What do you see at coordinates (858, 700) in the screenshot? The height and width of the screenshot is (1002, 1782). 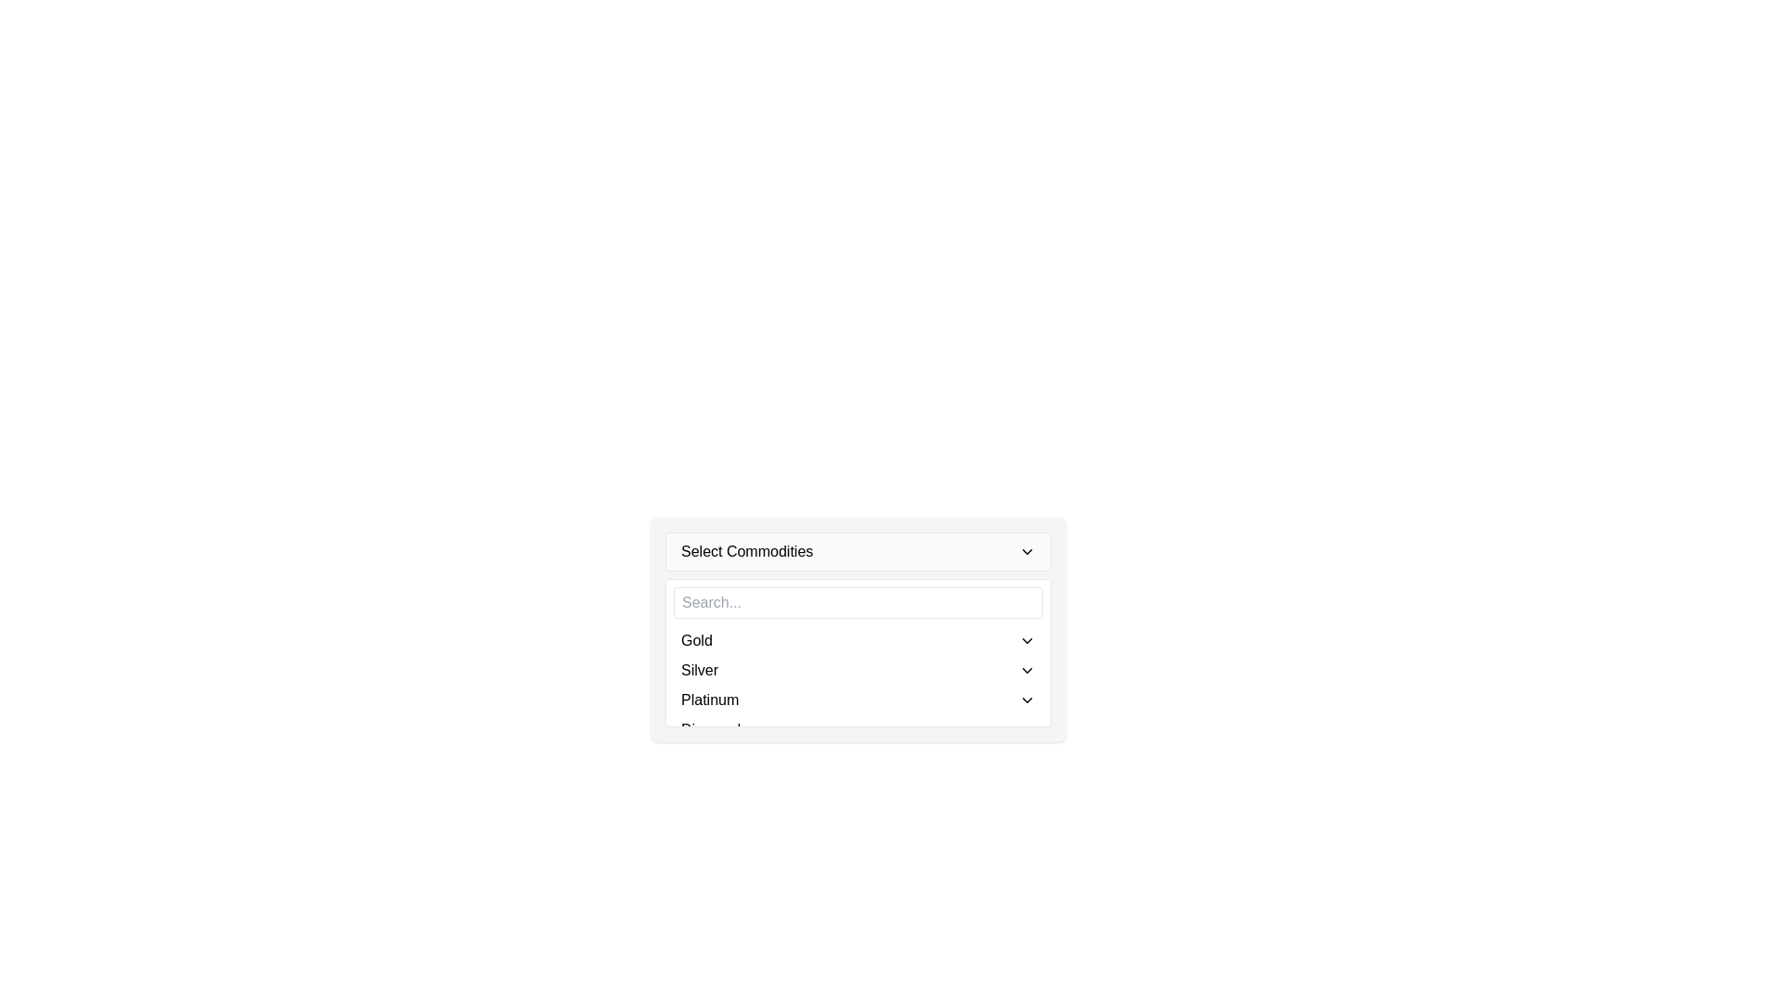 I see `the 'Platinum' option in the dropdown menu` at bounding box center [858, 700].